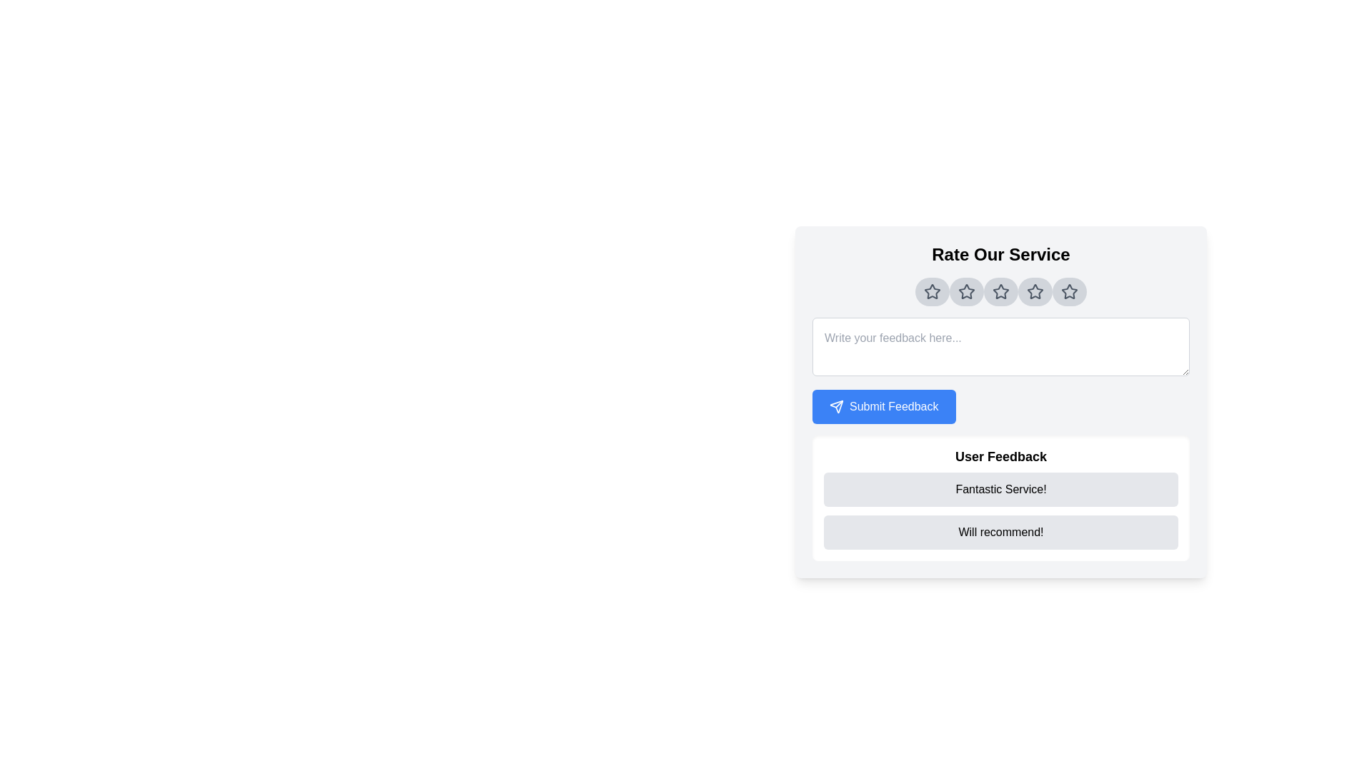 Image resolution: width=1372 pixels, height=771 pixels. What do you see at coordinates (967, 291) in the screenshot?
I see `the third star icon in the rating system located in the top center of the feedback form interface` at bounding box center [967, 291].